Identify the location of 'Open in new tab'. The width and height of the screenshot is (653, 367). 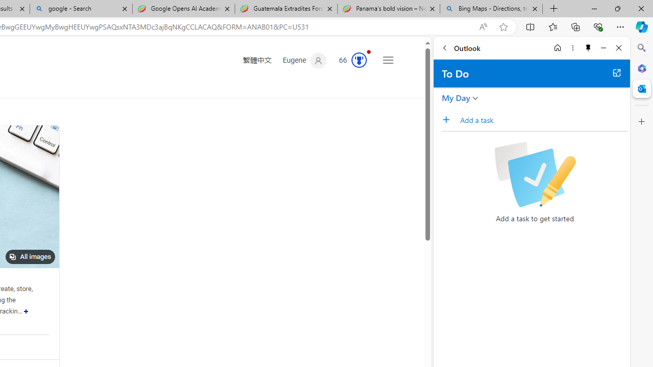
(616, 72).